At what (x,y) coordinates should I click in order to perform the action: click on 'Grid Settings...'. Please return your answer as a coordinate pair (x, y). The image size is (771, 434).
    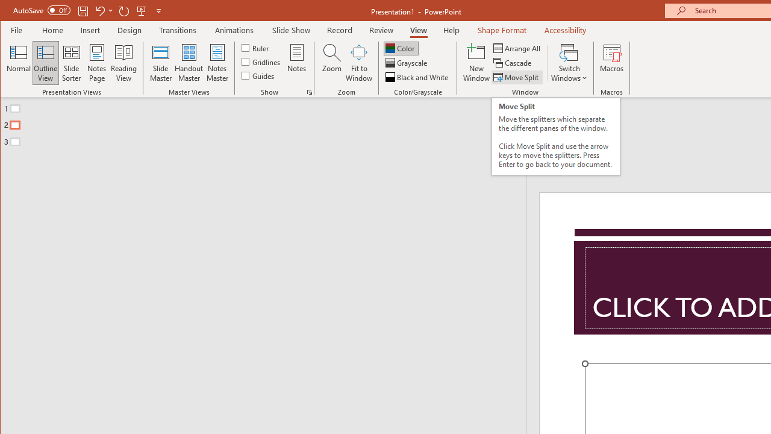
    Looking at the image, I should click on (309, 92).